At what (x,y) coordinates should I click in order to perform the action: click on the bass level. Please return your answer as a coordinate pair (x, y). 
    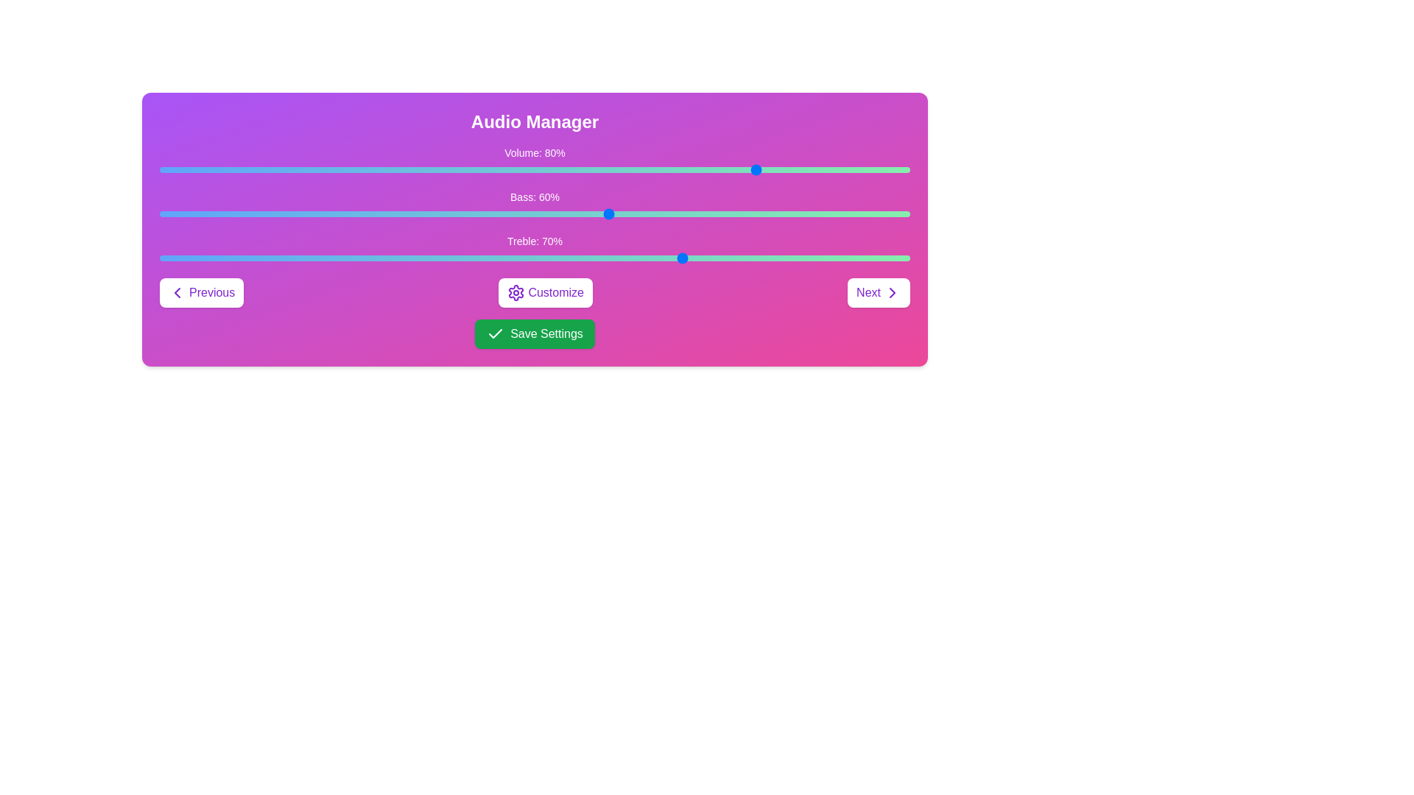
    Looking at the image, I should click on (699, 213).